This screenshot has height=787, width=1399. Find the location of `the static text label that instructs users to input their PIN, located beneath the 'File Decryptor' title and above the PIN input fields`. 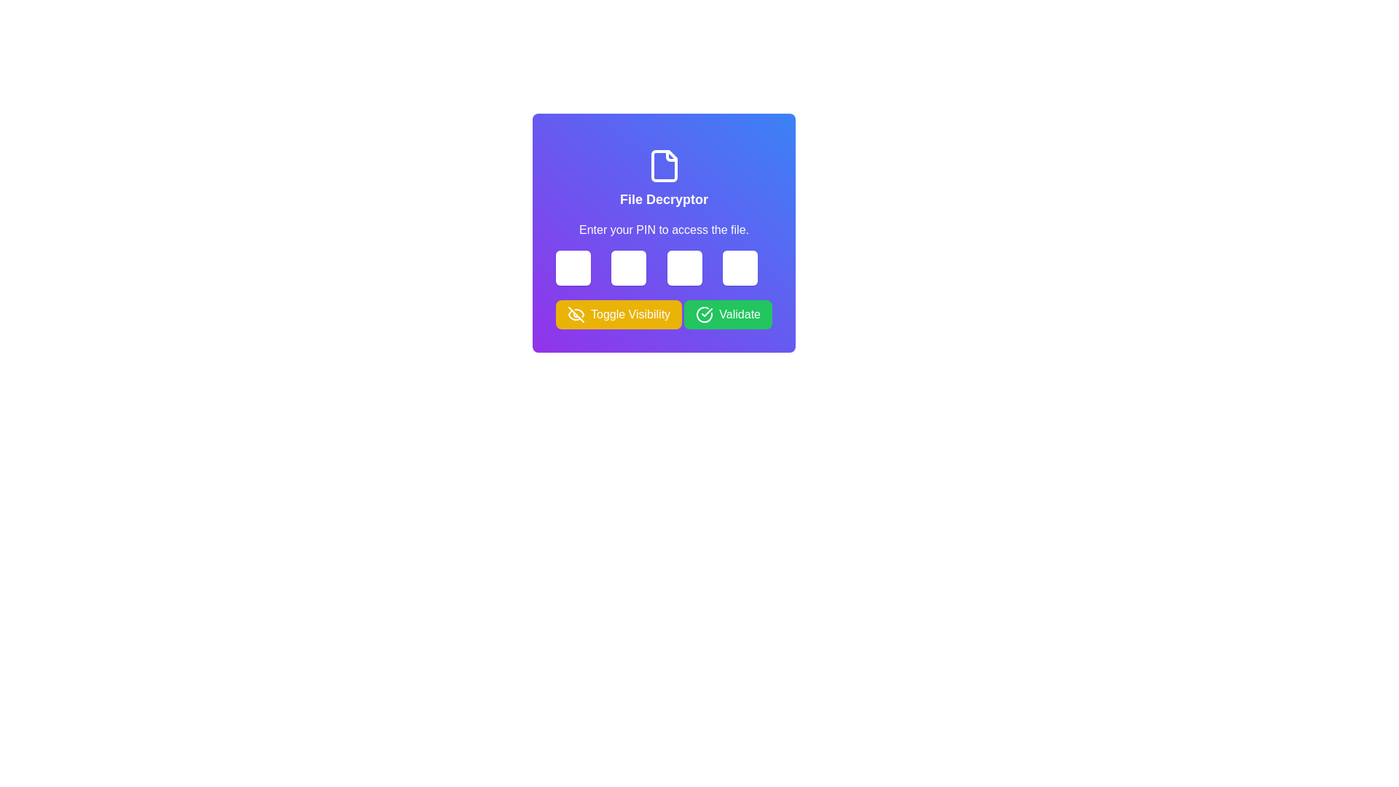

the static text label that instructs users to input their PIN, located beneath the 'File Decryptor' title and above the PIN input fields is located at coordinates (663, 230).